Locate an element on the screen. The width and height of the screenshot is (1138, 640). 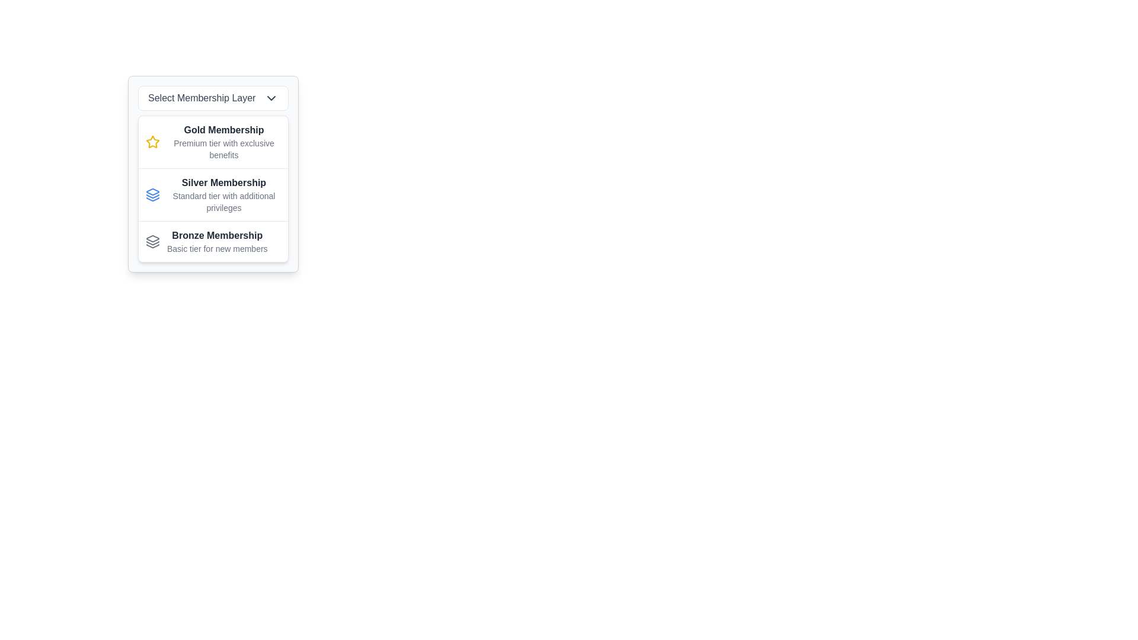
keyboard navigation is located at coordinates (224, 141).